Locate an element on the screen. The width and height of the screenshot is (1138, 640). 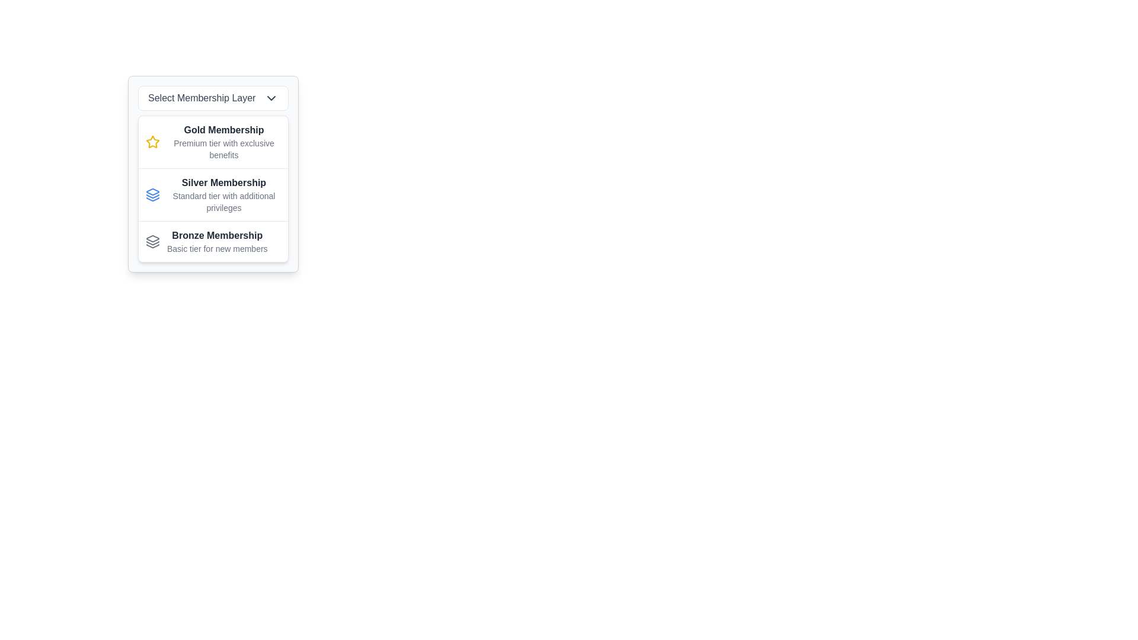
keyboard navigation is located at coordinates (224, 141).